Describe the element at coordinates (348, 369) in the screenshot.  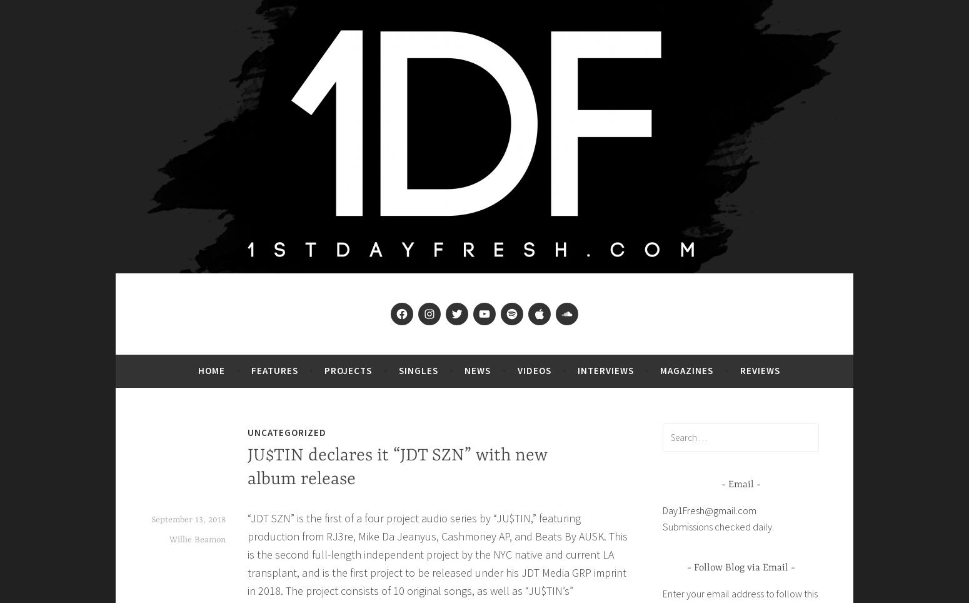
I see `'Projects'` at that location.